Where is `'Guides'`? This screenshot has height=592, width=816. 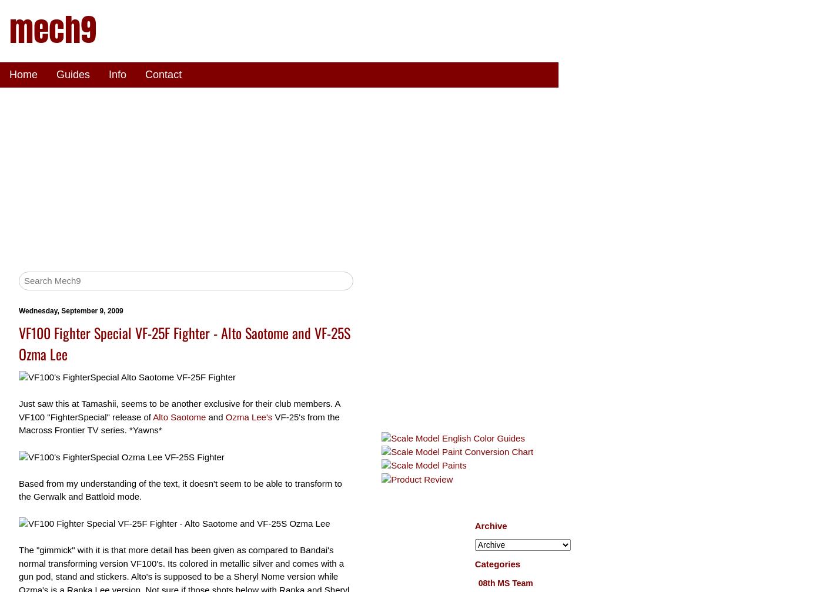 'Guides' is located at coordinates (73, 74).